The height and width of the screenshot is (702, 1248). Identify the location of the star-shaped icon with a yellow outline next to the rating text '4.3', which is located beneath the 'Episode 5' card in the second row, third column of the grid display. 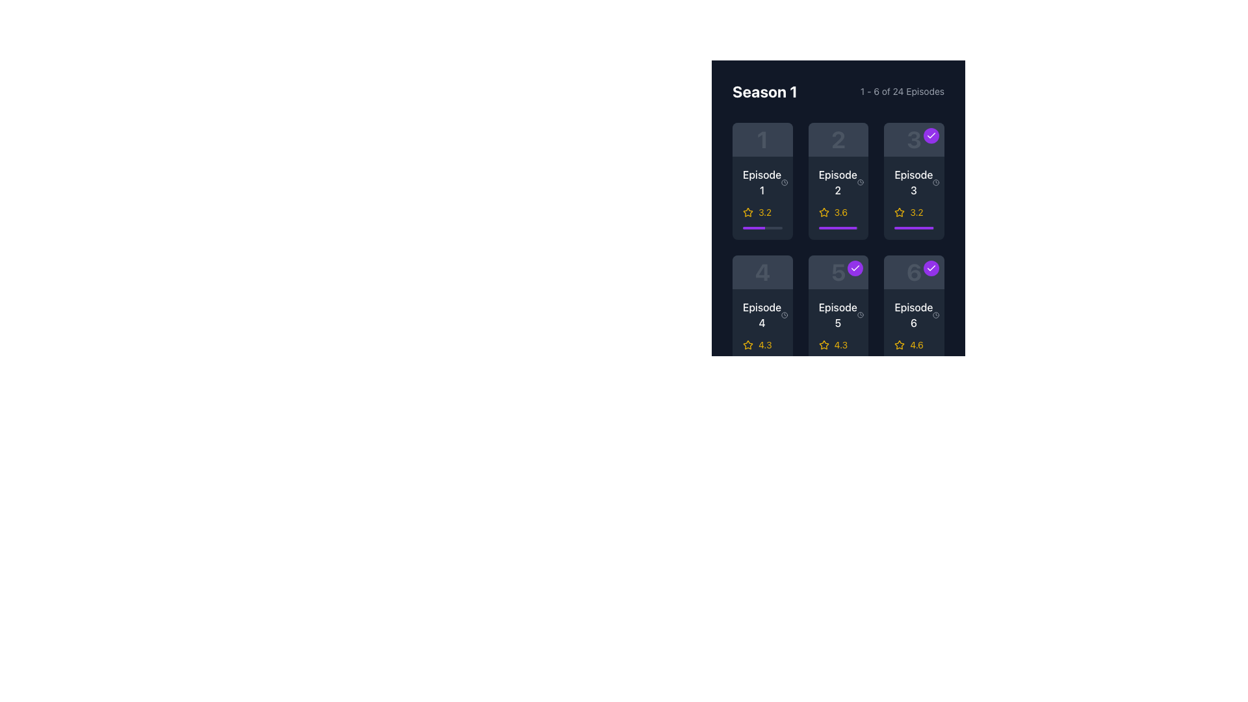
(748, 344).